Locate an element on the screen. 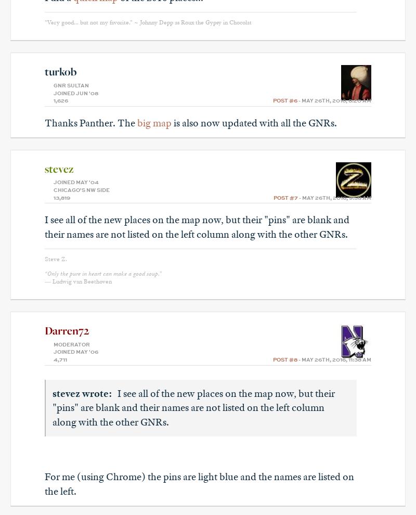  'Post #6' is located at coordinates (285, 101).